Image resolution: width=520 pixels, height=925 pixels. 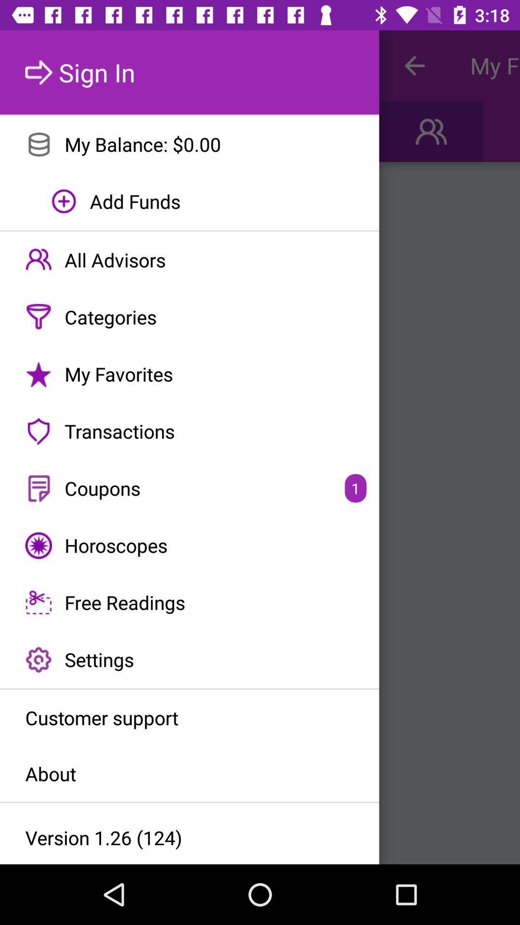 What do you see at coordinates (189, 201) in the screenshot?
I see `the icon below my balance 0 icon` at bounding box center [189, 201].